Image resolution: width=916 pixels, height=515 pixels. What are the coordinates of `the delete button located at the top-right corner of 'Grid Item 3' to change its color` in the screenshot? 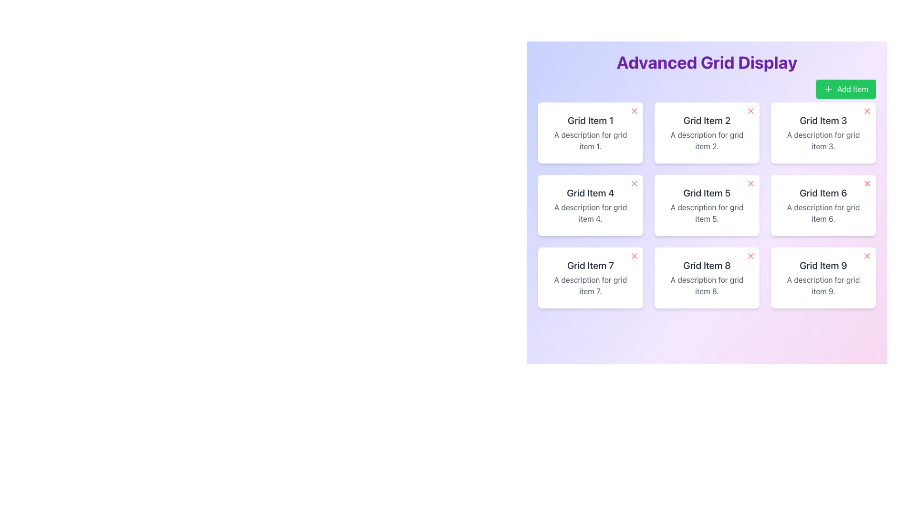 It's located at (867, 110).